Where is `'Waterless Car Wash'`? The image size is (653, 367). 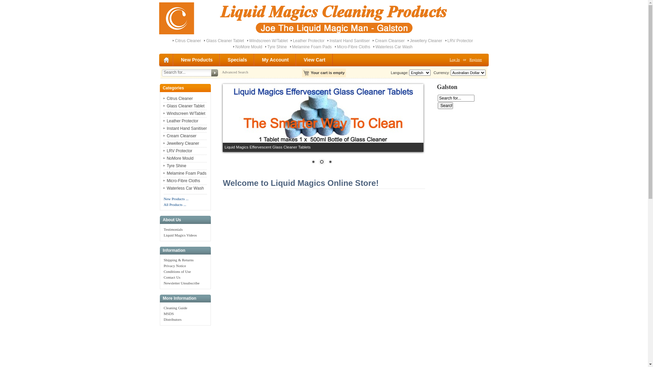
'Waterless Car Wash' is located at coordinates (373, 47).